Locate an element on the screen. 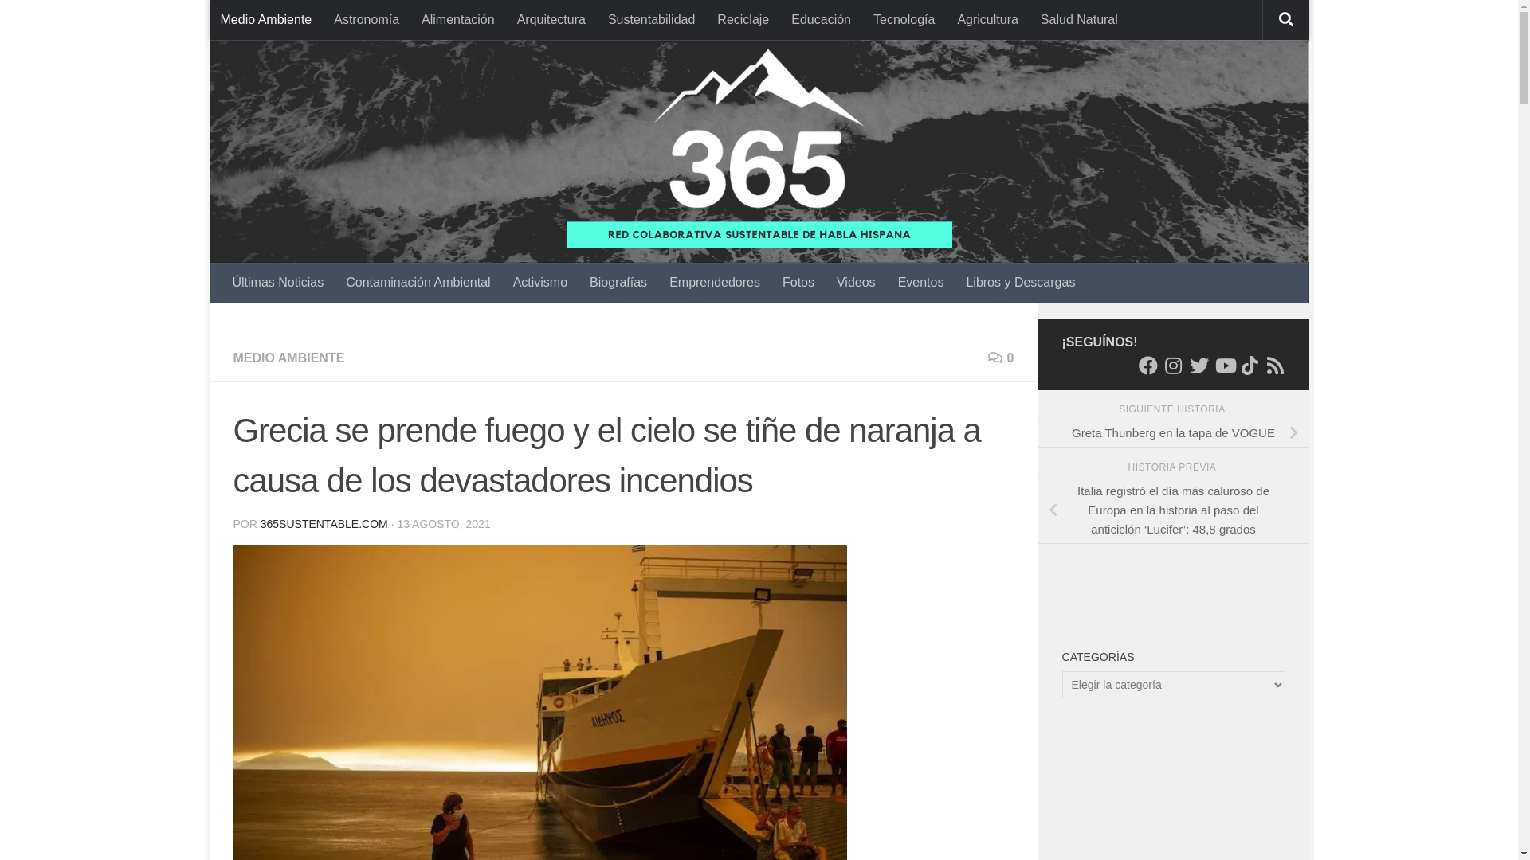 Image resolution: width=1530 pixels, height=860 pixels. 'Fotos' is located at coordinates (798, 281).